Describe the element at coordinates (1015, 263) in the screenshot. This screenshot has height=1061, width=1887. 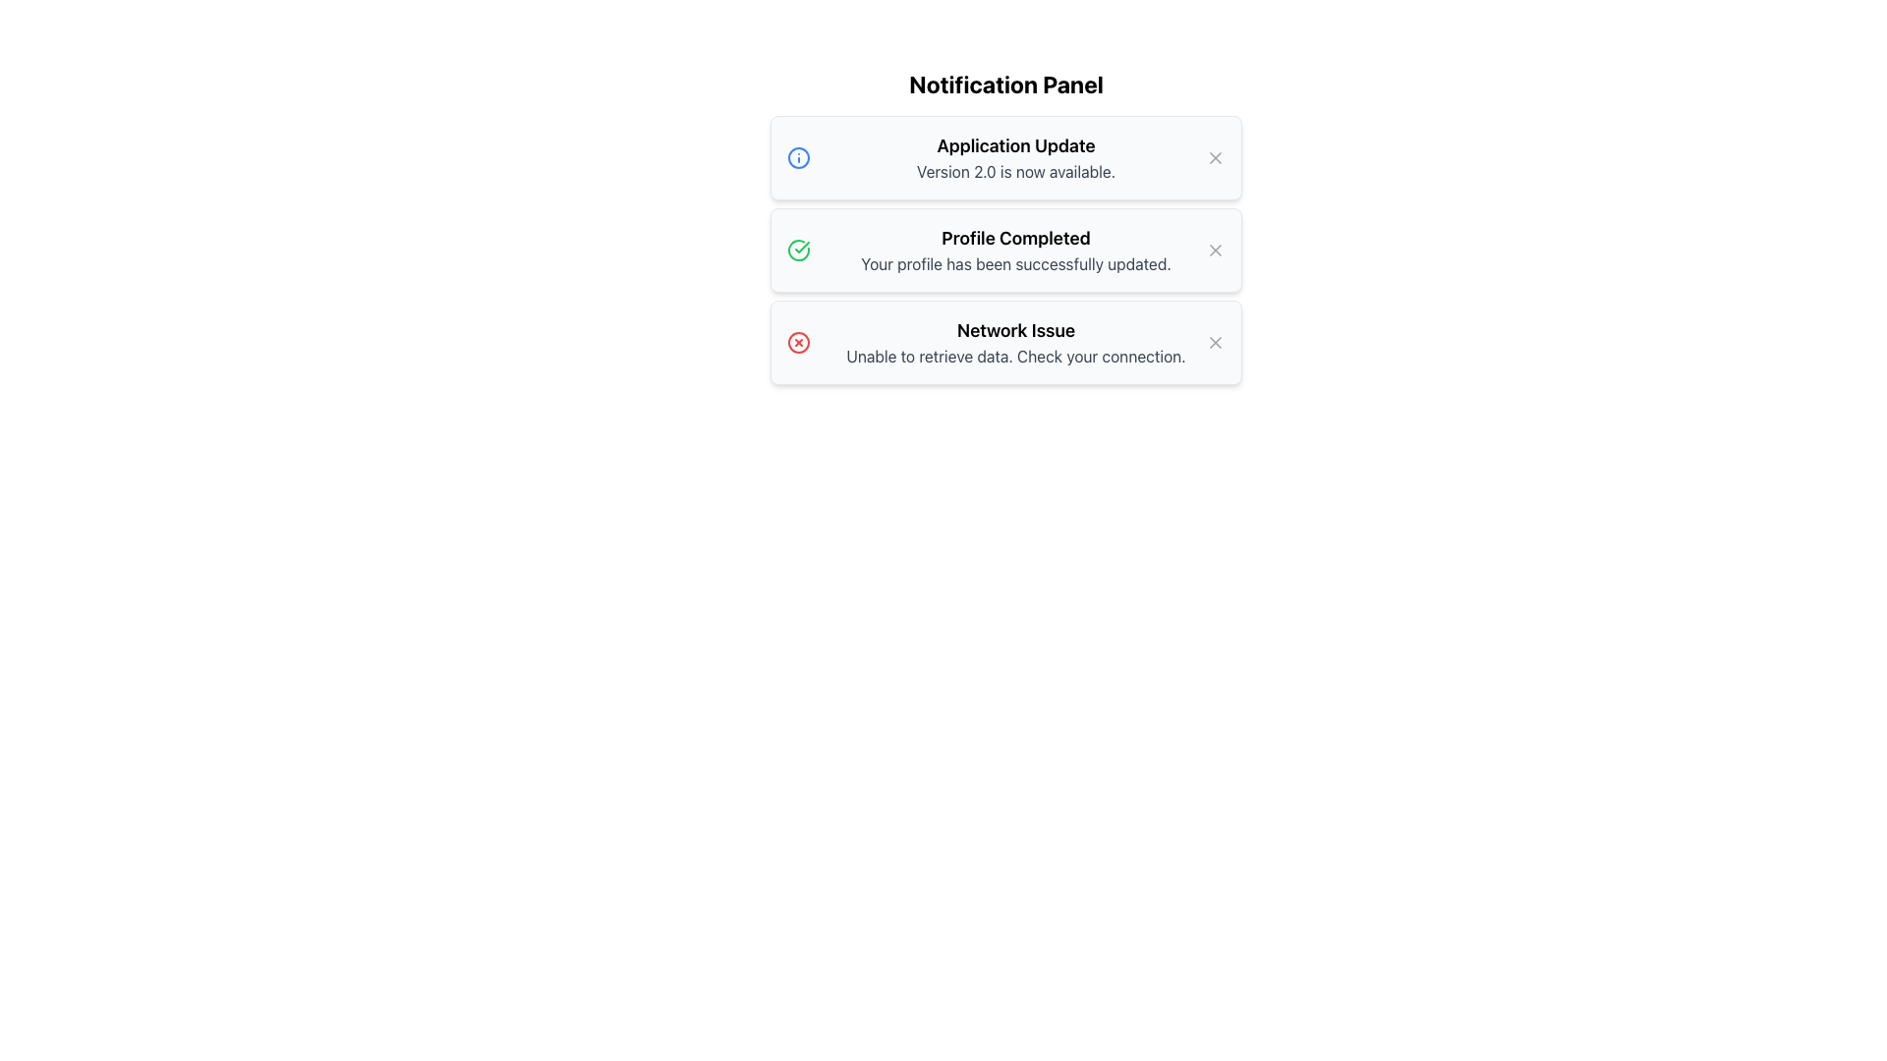
I see `the text label that indicates the user's profile has been successfully updated, located in the notification block under 'Profile Completed'` at that location.